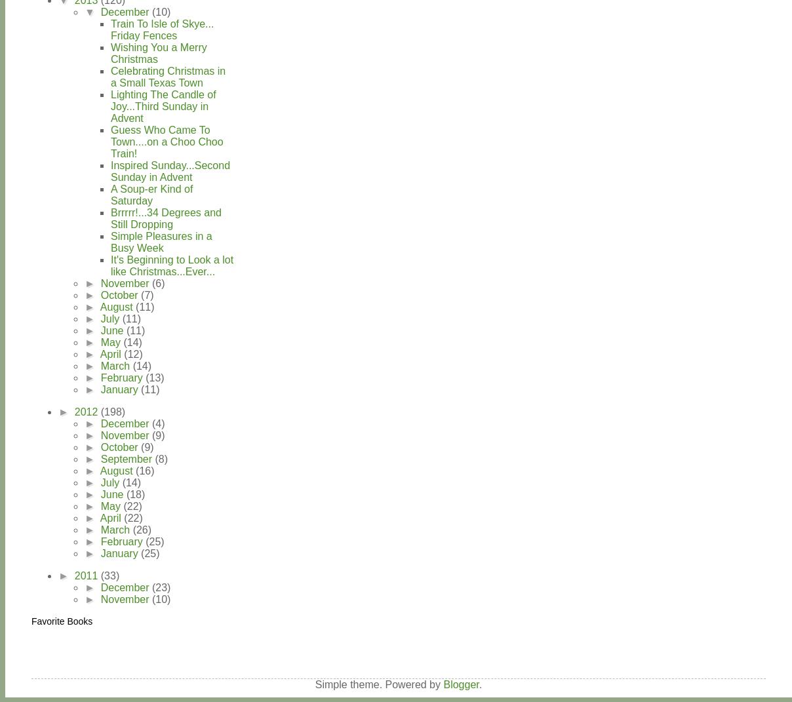  What do you see at coordinates (157, 283) in the screenshot?
I see `'(6)'` at bounding box center [157, 283].